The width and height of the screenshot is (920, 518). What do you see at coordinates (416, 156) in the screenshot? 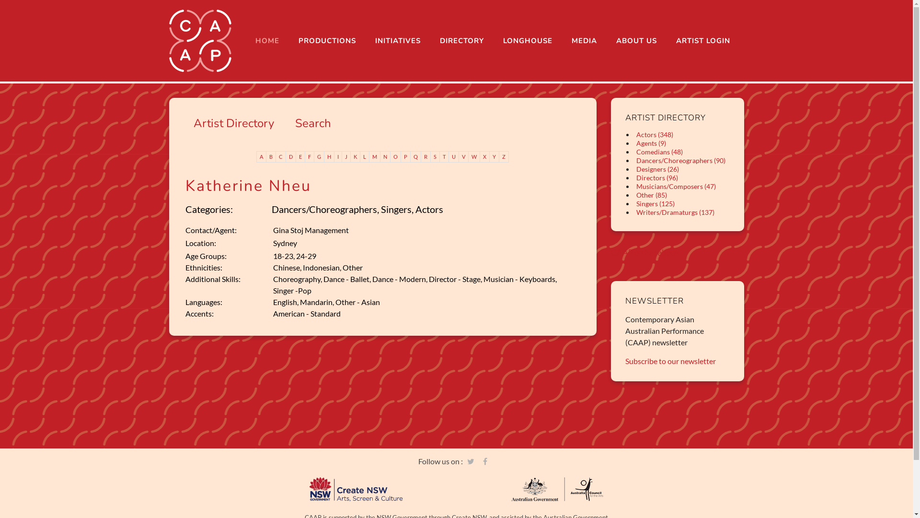
I see `'Q'` at bounding box center [416, 156].